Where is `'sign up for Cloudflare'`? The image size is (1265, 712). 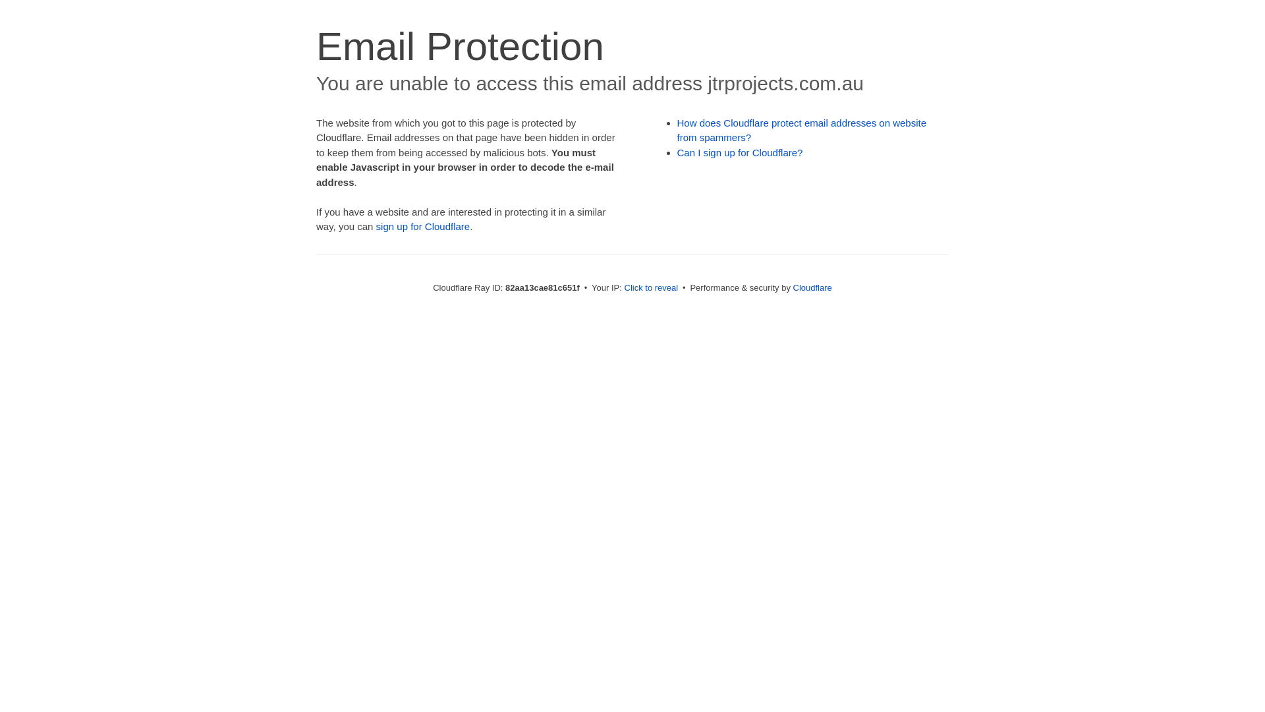 'sign up for Cloudflare' is located at coordinates (423, 225).